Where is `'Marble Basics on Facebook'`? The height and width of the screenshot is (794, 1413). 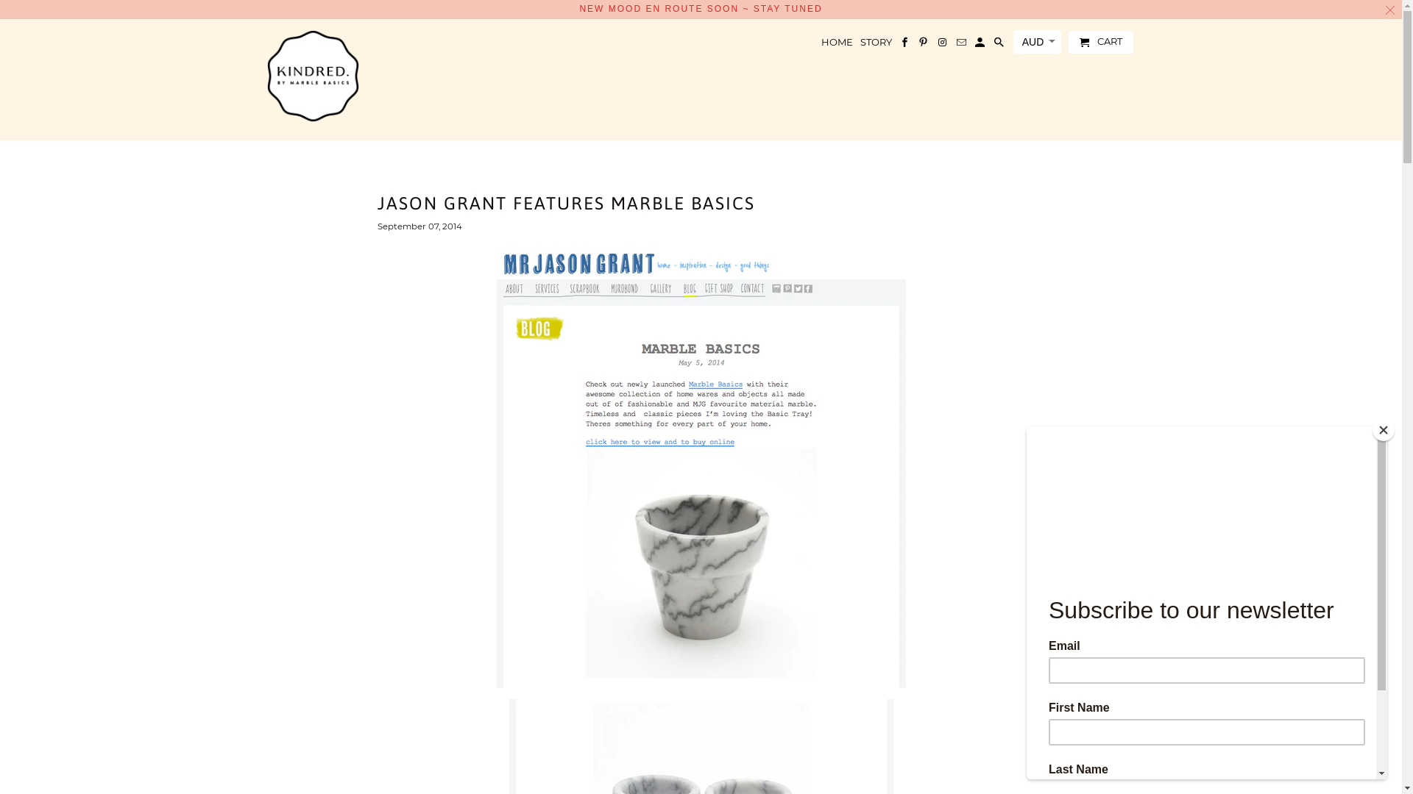 'Marble Basics on Facebook' is located at coordinates (904, 44).